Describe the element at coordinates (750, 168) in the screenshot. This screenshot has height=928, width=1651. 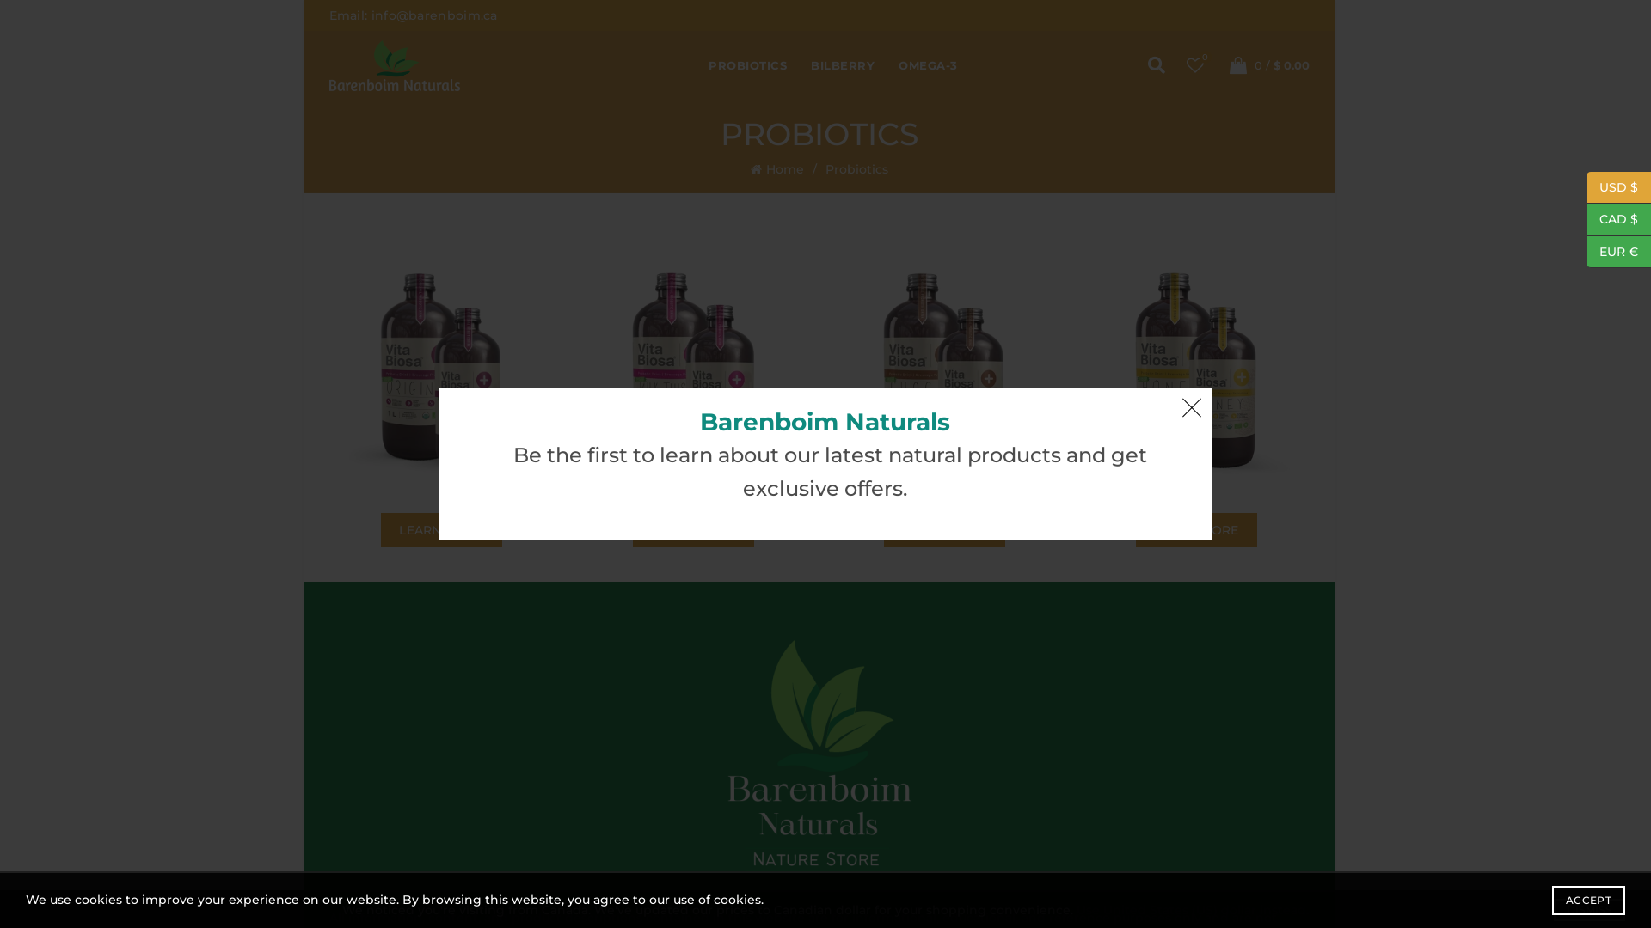
I see `'Home'` at that location.